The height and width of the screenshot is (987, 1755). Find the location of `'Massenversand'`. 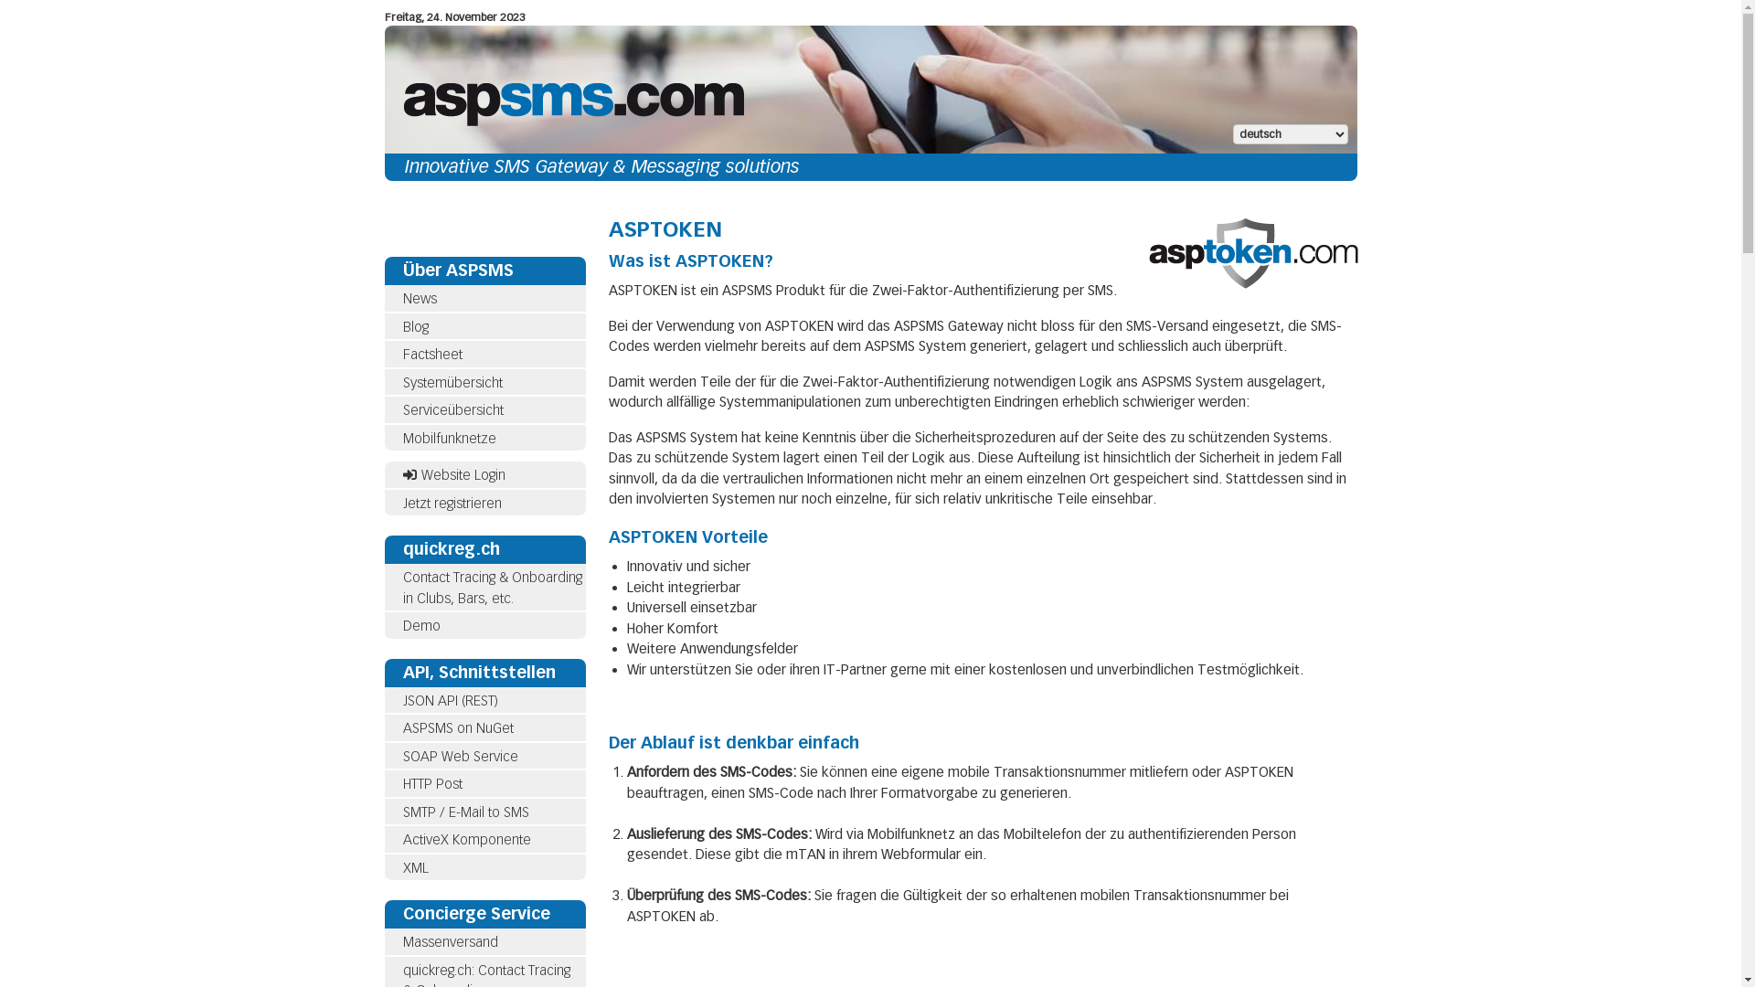

'Massenversand' is located at coordinates (484, 942).